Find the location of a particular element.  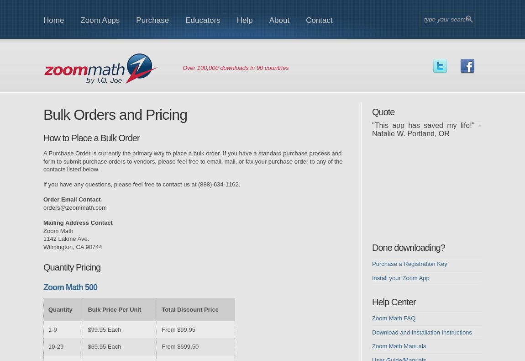

'"We received my son's MCT scores from 10th grade (end of last year). He jumped 3 levels and scored highest in his class." - Kathy J.  Austin, TX' is located at coordinates (426, 141).